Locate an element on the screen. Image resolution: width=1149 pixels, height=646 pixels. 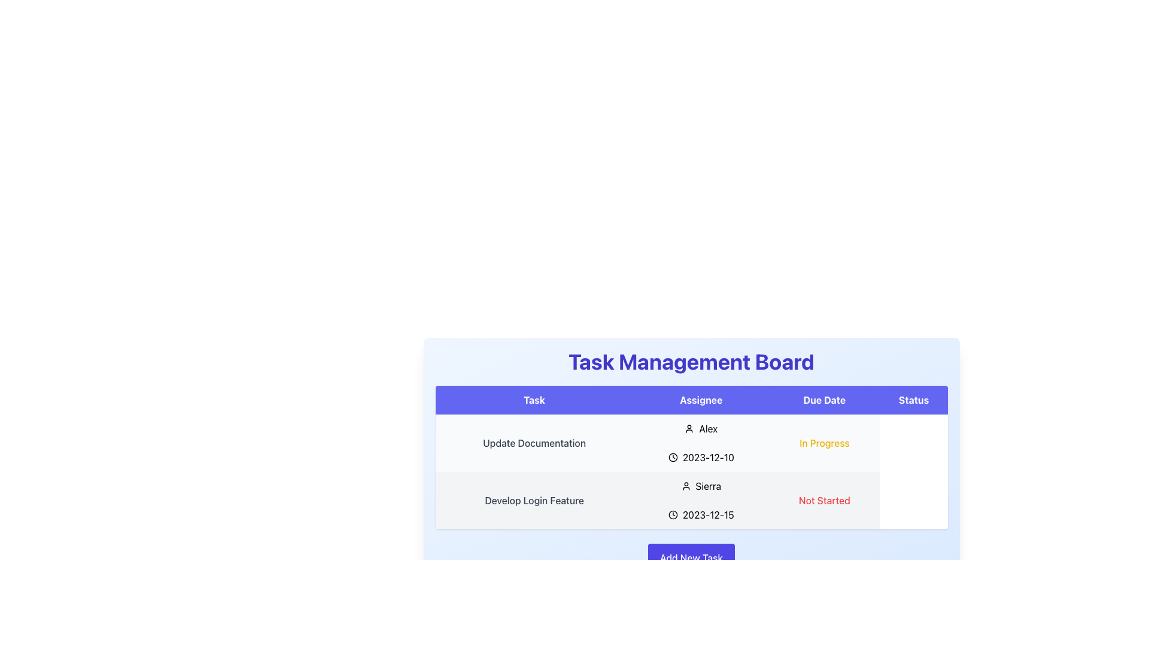
the first row of the table containing the task titled 'Update Documentation' is located at coordinates (691, 443).